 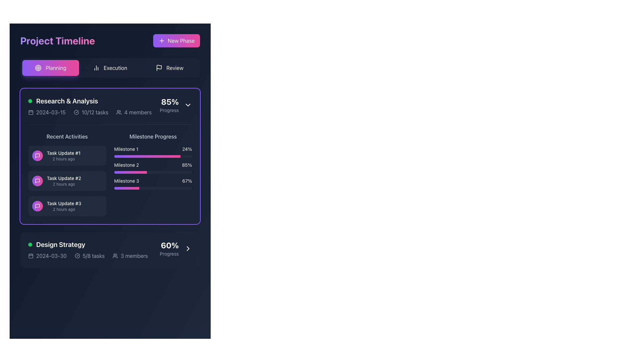 I want to click on the second button in the row, which navigates to the 'Execution' phase of the project management tool, so click(x=110, y=68).